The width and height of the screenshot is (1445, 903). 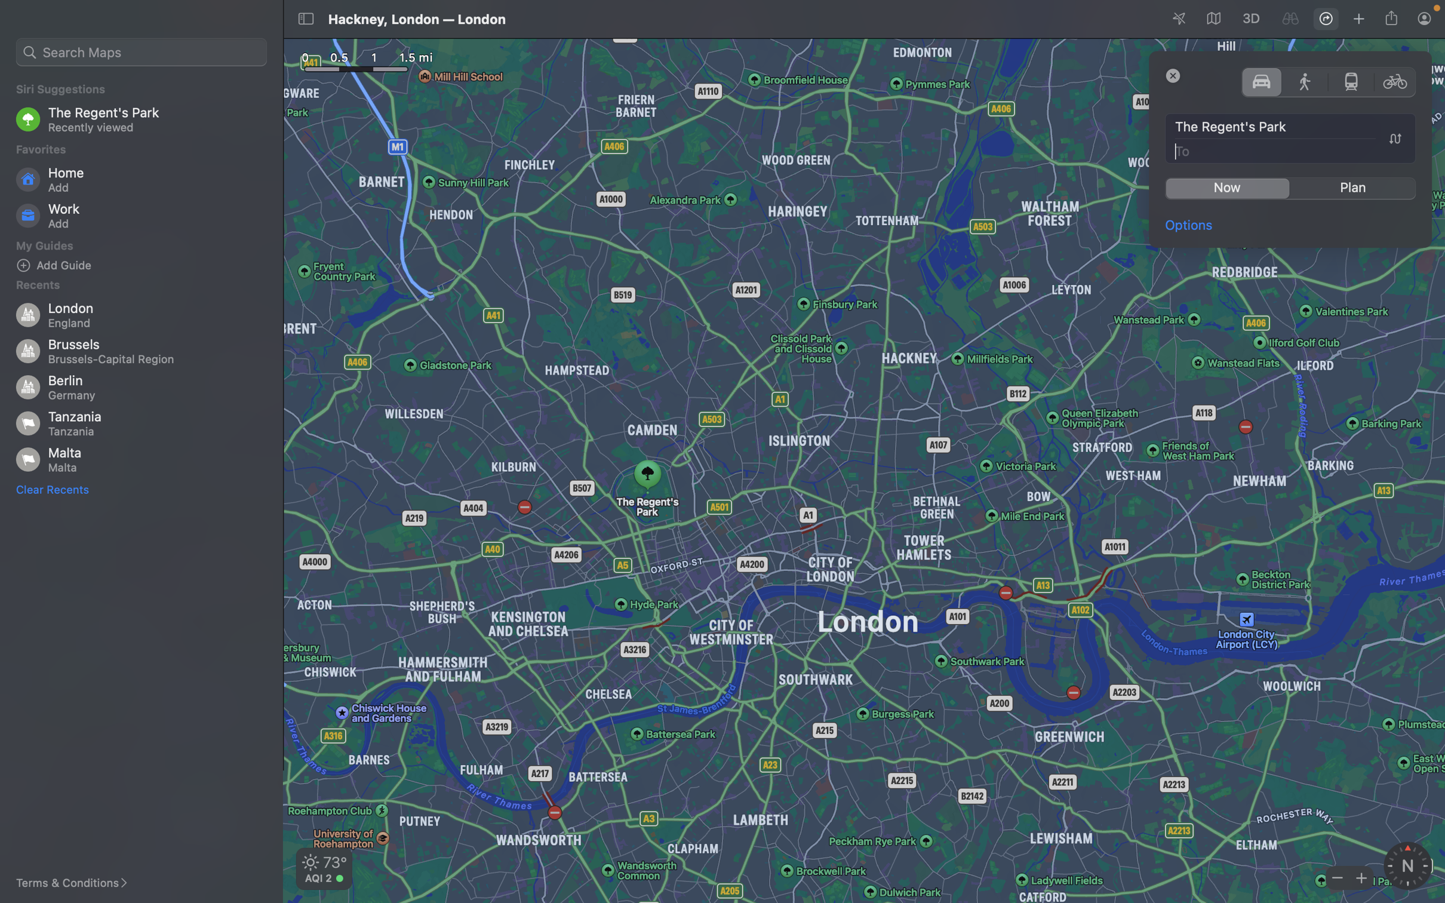 I want to click on the button called "swap dest and source" to interchange source and destination locations, so click(x=1394, y=139).